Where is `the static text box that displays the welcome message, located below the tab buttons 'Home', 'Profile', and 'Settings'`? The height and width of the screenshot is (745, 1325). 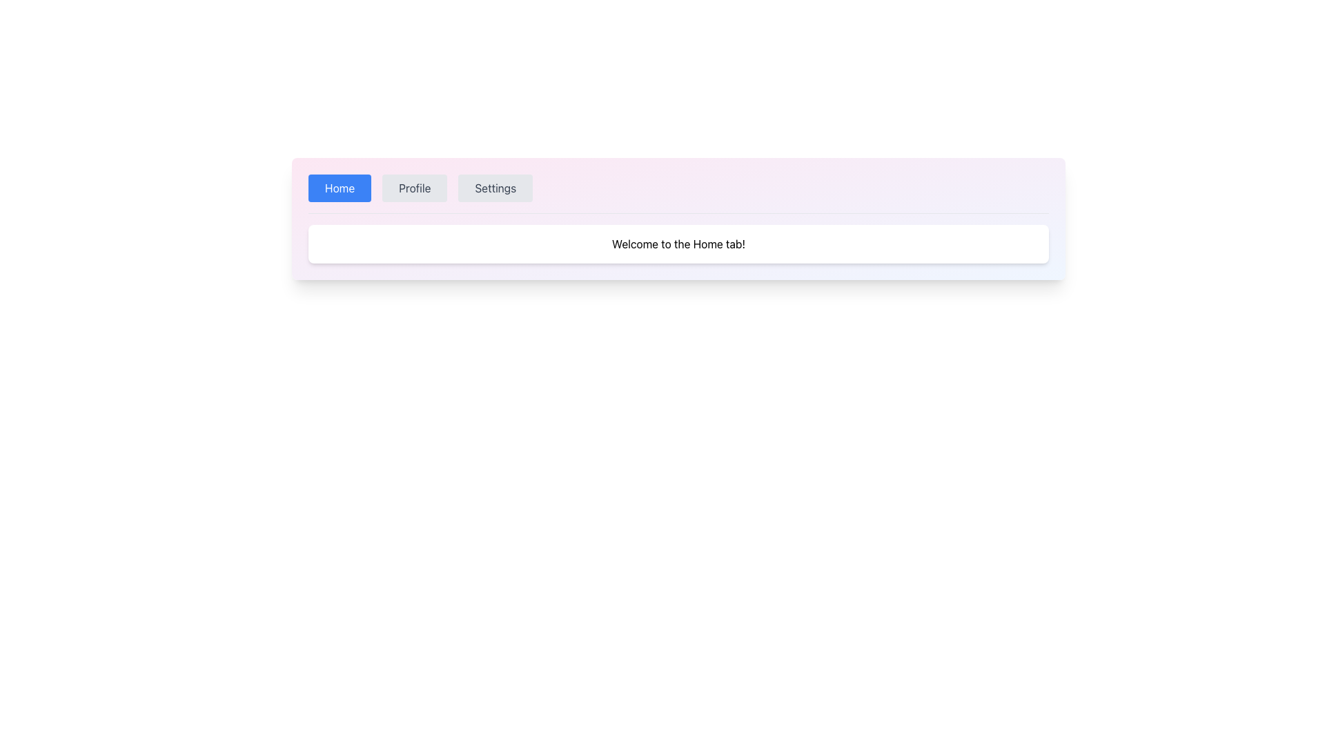
the static text box that displays the welcome message, located below the tab buttons 'Home', 'Profile', and 'Settings' is located at coordinates (678, 244).